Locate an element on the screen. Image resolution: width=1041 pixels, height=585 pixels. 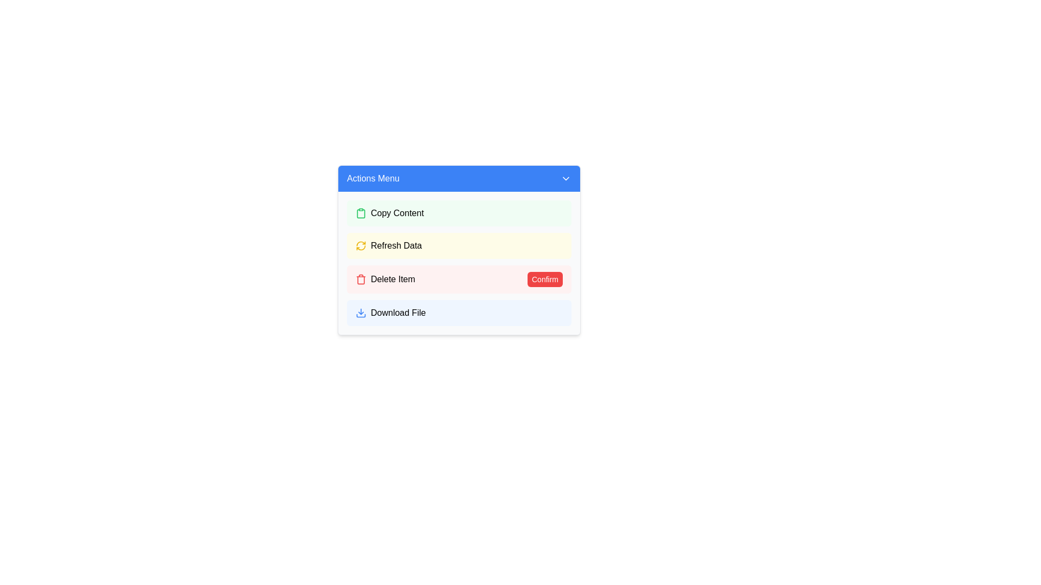
the non-interactive display for the 'Refresh Data' action located in the second position of the 'Actions Menu' list, which is visually presented below 'Copy Content' and above 'Delete Item' is located at coordinates (459, 250).